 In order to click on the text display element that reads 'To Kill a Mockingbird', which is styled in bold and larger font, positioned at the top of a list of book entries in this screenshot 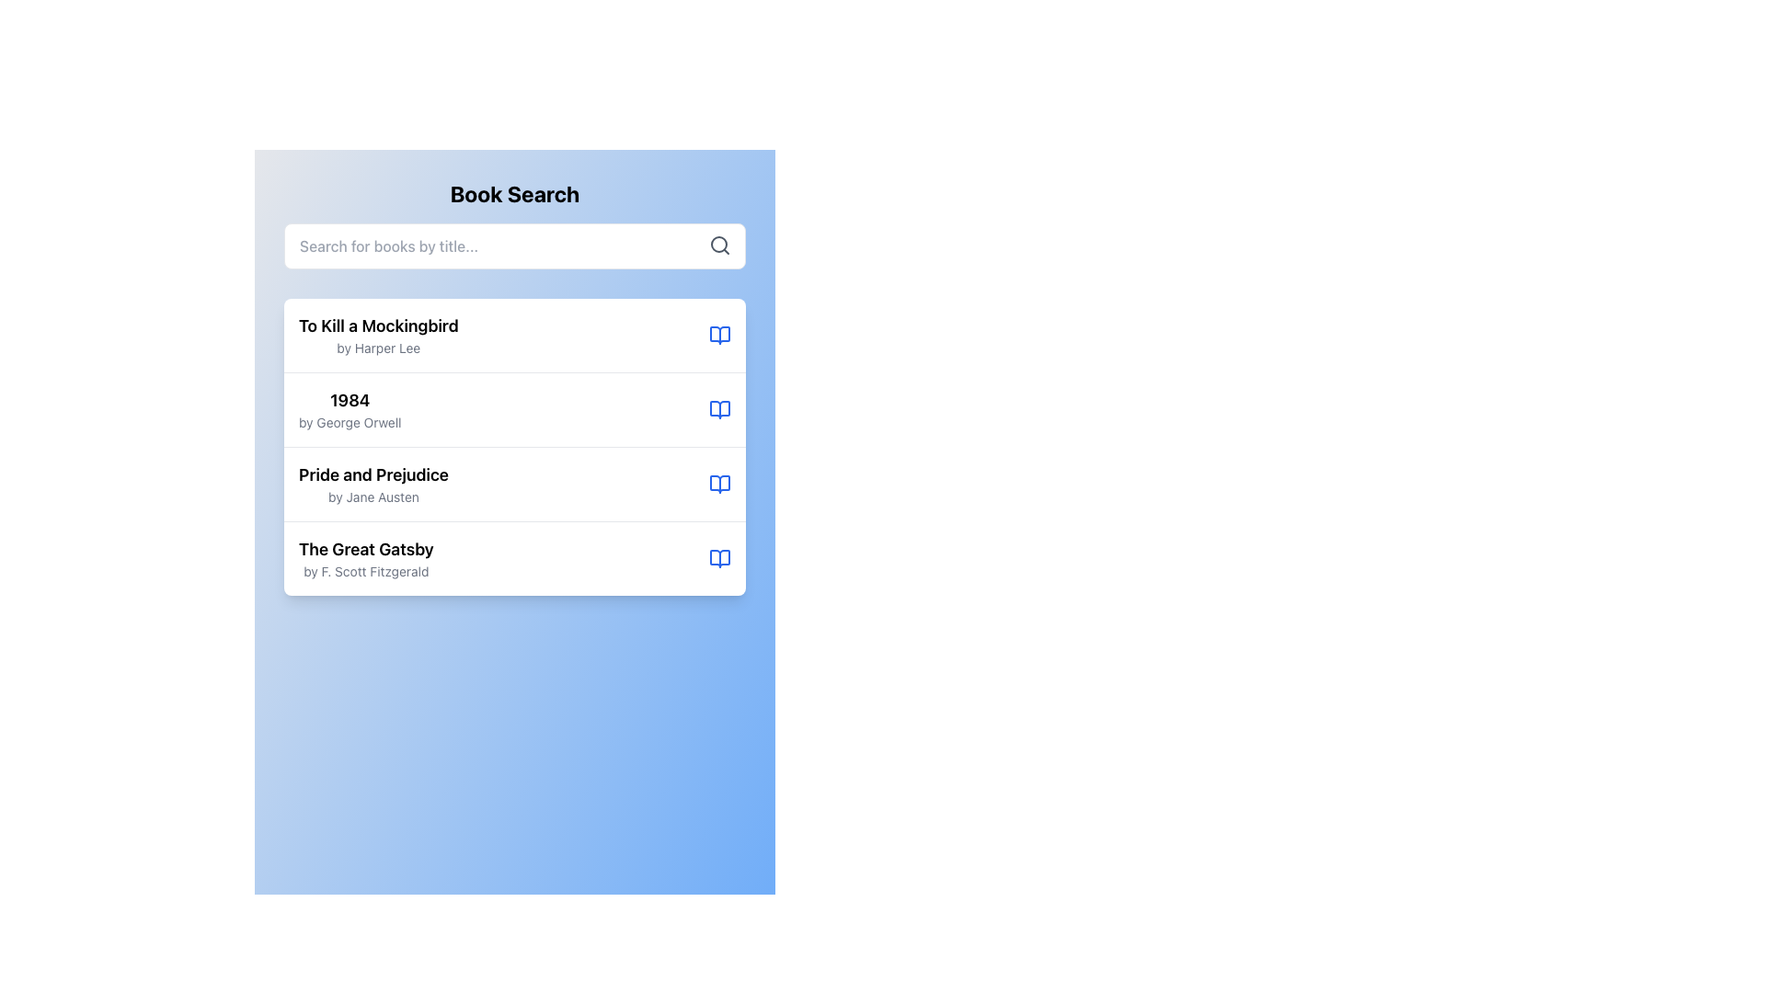, I will do `click(377, 325)`.